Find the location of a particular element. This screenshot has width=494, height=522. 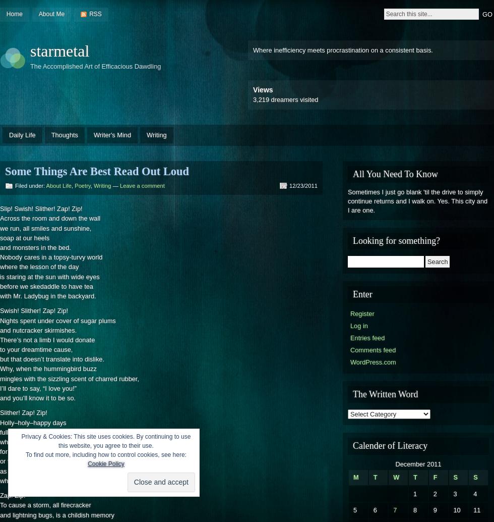

'6' is located at coordinates (375, 509).